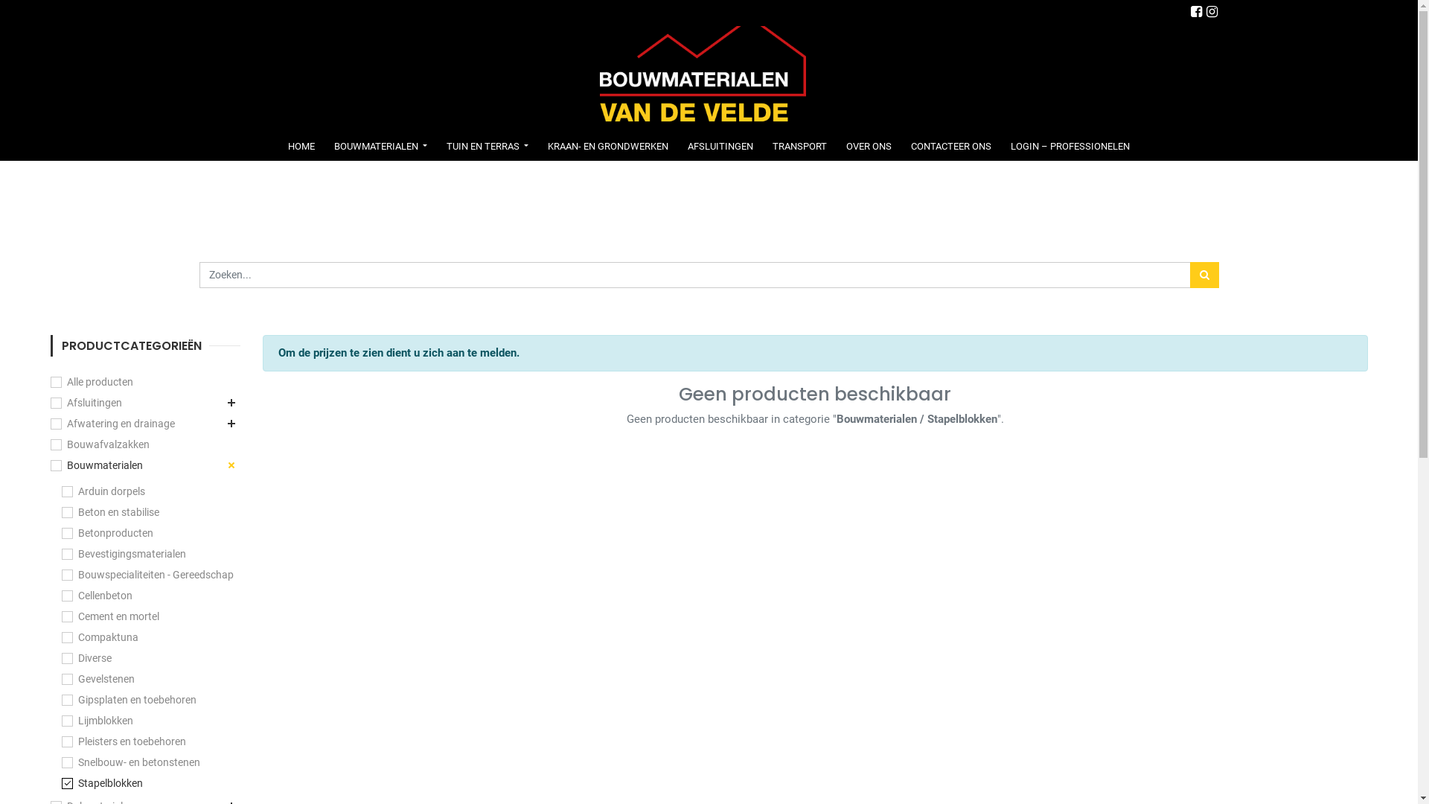 The height and width of the screenshot is (804, 1429). Describe the element at coordinates (702, 77) in the screenshot. I see `'Bouwmaterialen Van de Velde'` at that location.